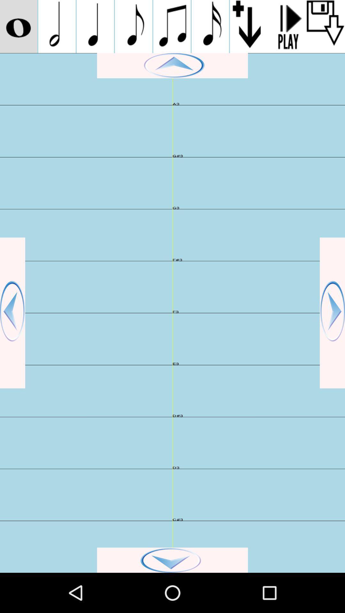 The image size is (345, 613). I want to click on download, so click(326, 26).